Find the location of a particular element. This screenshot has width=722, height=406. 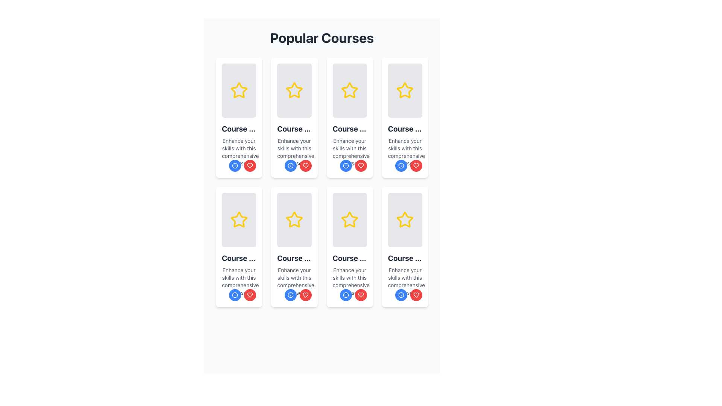

the blue circular Information Button located in the bottom-left corner of the second card in the grid layout is located at coordinates (290, 295).